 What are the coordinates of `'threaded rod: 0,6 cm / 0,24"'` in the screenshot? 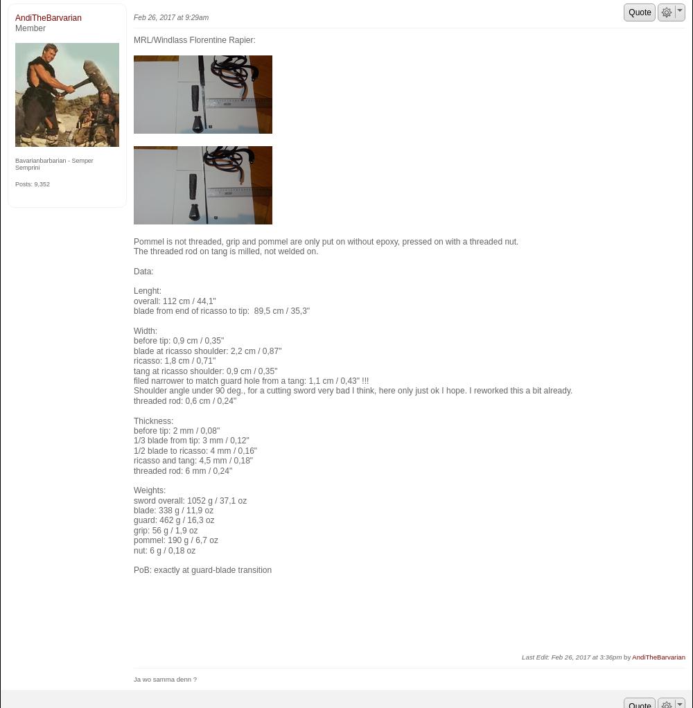 It's located at (185, 400).